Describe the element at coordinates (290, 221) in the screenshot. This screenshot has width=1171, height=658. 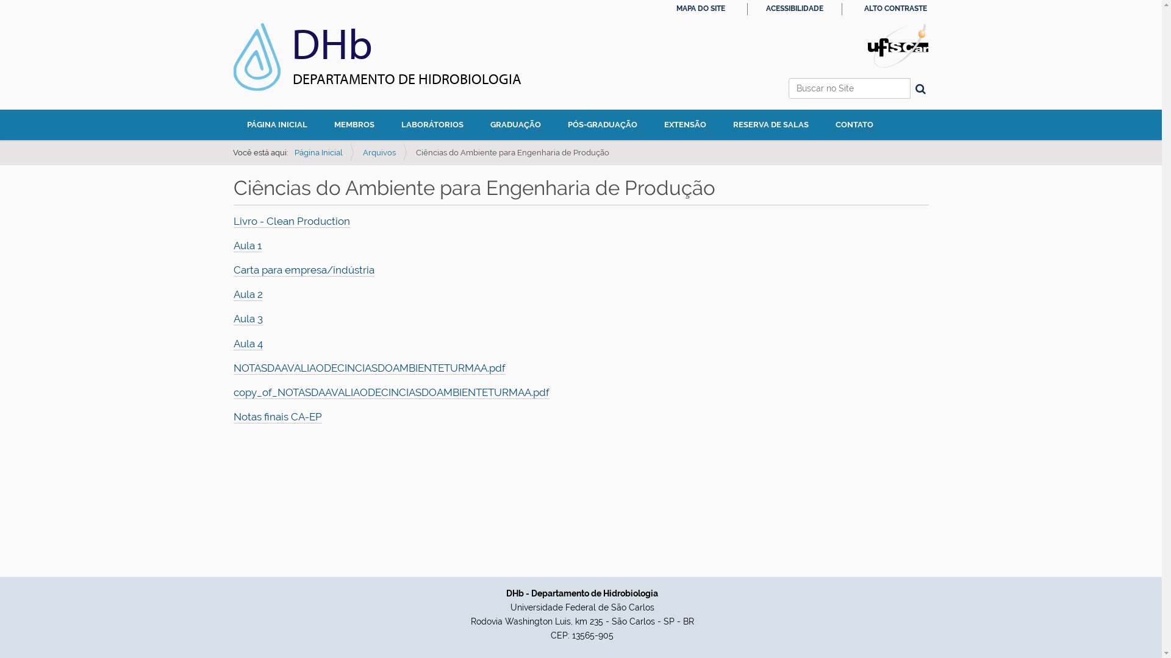
I see `'Livro - Clean Production'` at that location.